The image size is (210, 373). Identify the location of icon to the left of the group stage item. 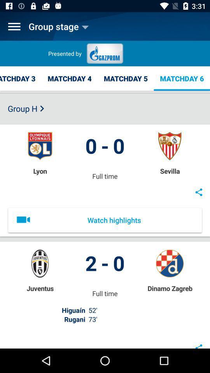
(14, 26).